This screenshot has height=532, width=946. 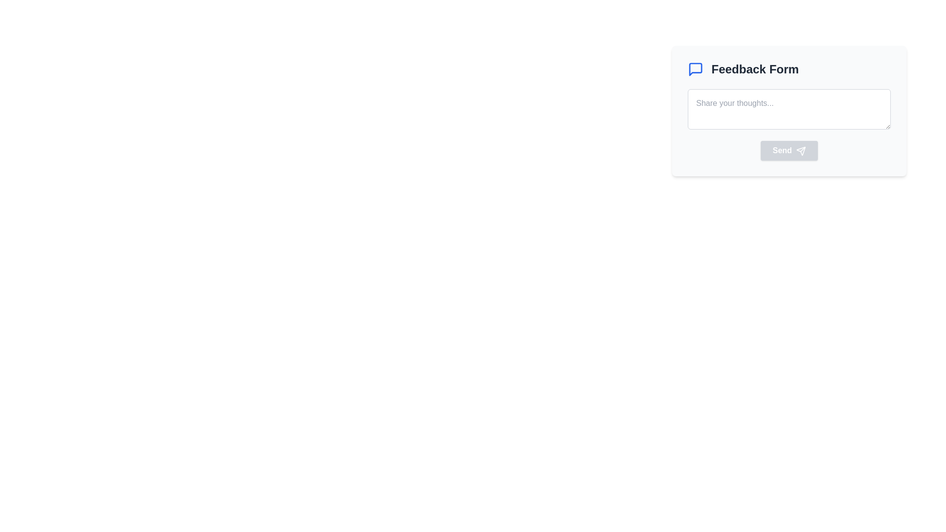 What do you see at coordinates (789, 69) in the screenshot?
I see `the composite element consisting of a text heading and an accompanying icon, which serves as the title and graphical representation for the feedback form located near the top-right of the interface` at bounding box center [789, 69].